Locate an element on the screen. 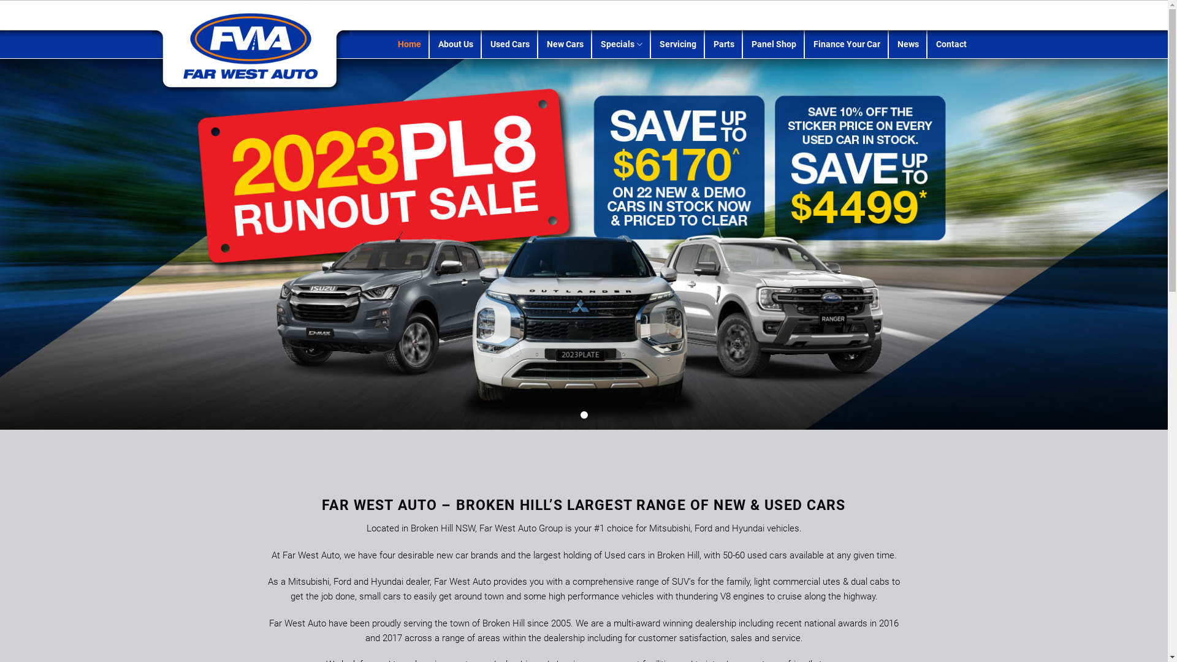  'New Cars' is located at coordinates (564, 44).